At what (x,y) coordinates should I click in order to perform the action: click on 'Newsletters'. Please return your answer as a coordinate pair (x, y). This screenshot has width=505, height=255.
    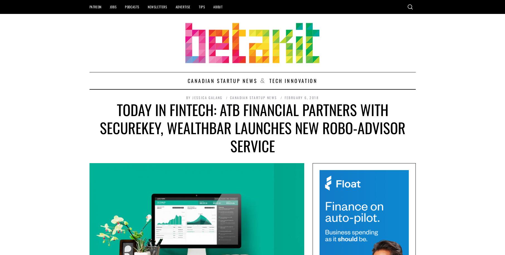
    Looking at the image, I should click on (157, 7).